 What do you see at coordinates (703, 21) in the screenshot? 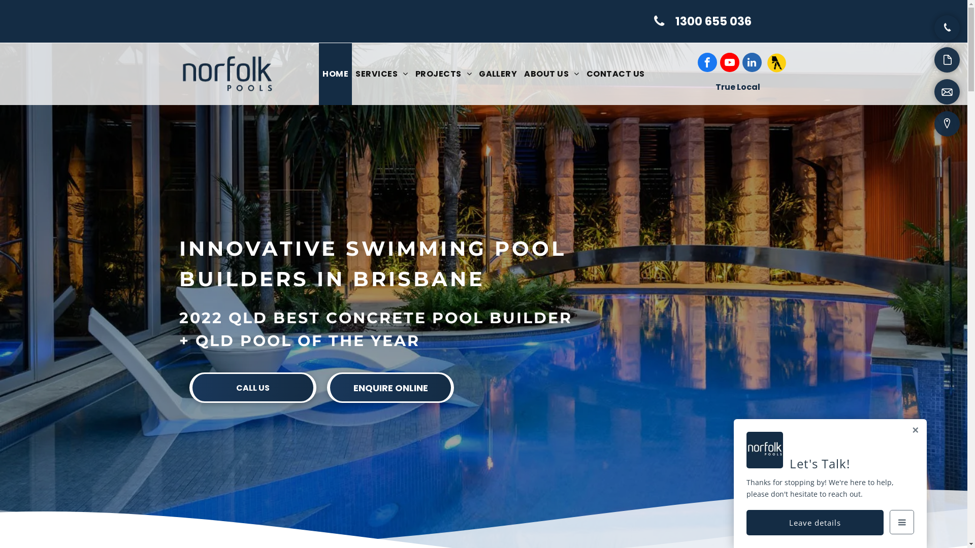
I see `'1300 655 036'` at bounding box center [703, 21].